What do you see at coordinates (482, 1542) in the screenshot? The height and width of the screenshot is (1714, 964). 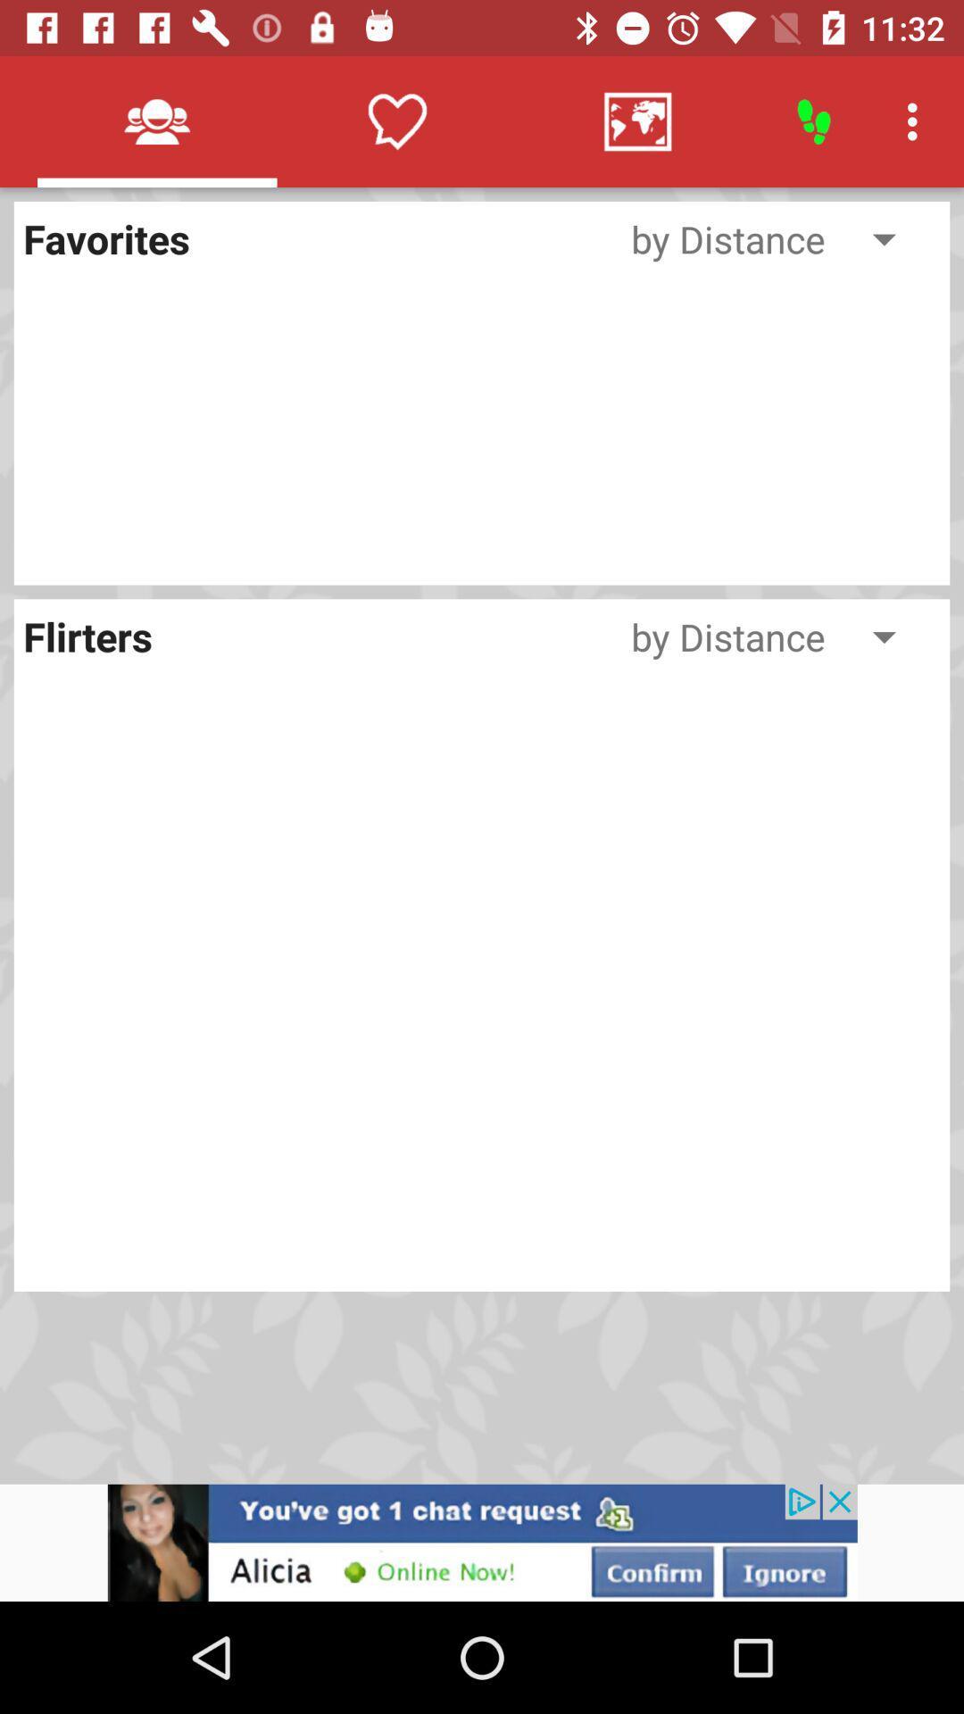 I see `advertisement` at bounding box center [482, 1542].